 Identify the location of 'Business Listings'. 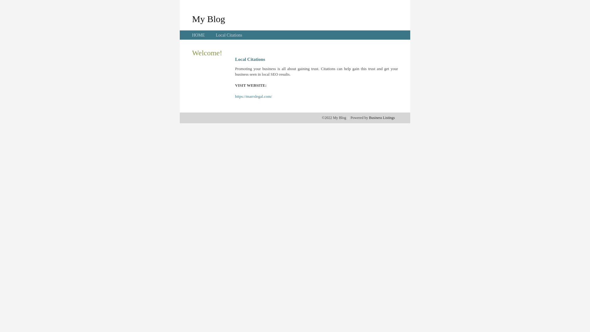
(382, 117).